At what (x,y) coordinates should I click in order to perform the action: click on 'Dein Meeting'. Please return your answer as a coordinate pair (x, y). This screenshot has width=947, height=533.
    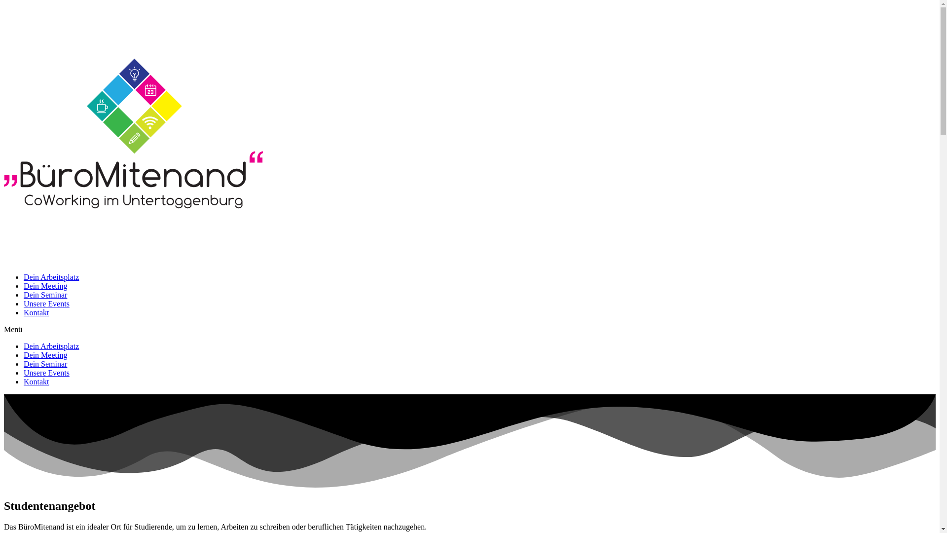
    Looking at the image, I should click on (44, 286).